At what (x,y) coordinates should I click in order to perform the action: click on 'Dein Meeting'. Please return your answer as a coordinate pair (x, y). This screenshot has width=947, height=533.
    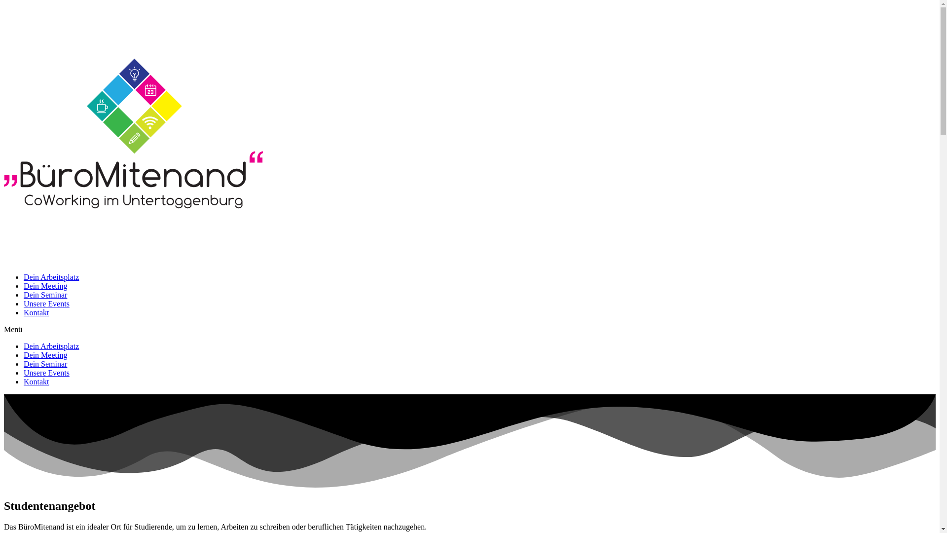
    Looking at the image, I should click on (44, 286).